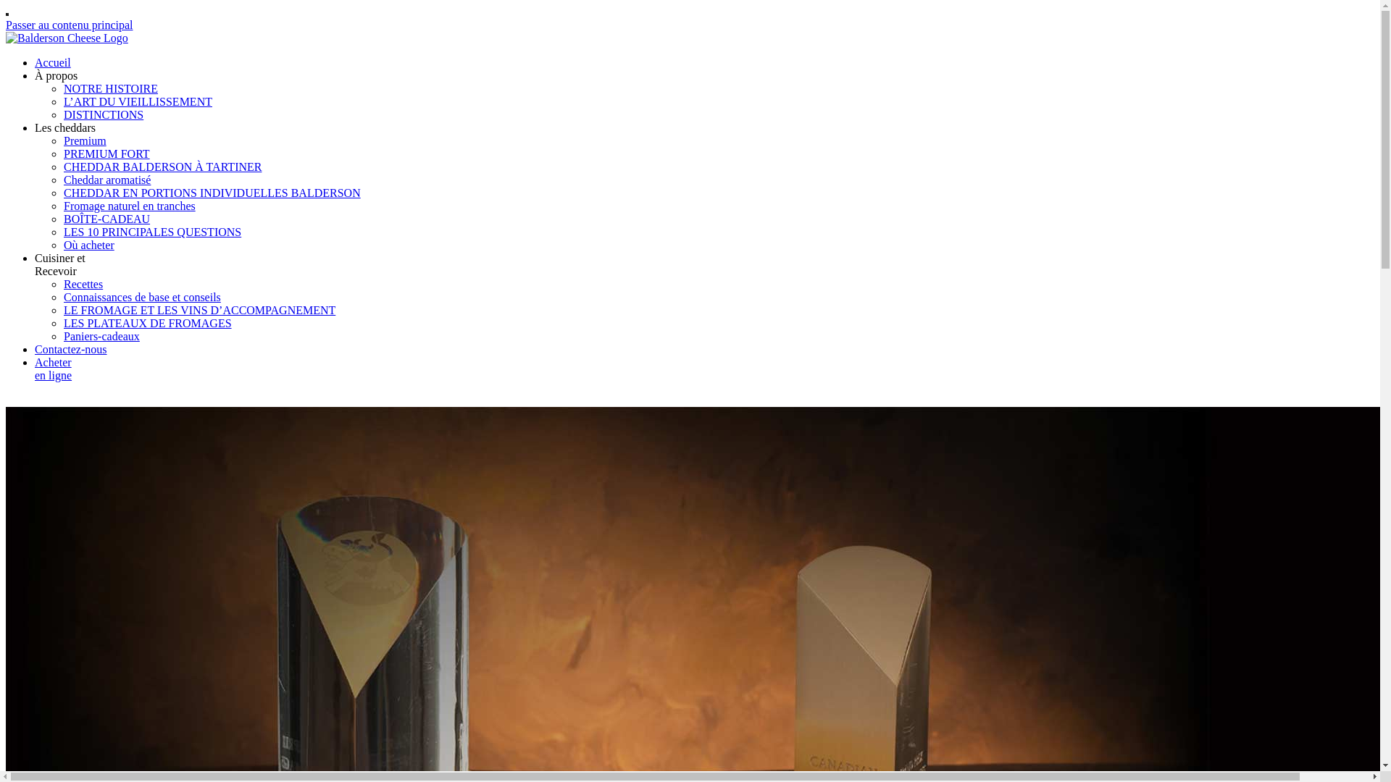 This screenshot has width=1391, height=782. I want to click on 'DISTINCTIONS', so click(103, 114).